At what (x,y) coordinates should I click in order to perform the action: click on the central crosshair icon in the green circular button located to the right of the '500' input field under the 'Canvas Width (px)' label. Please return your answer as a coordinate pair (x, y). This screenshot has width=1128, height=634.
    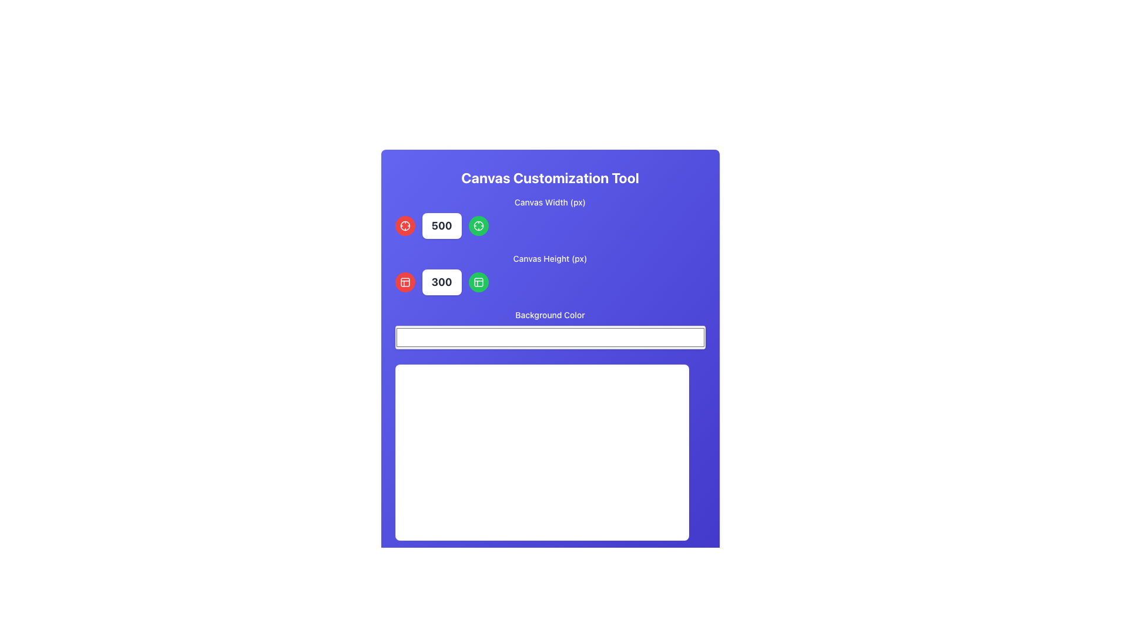
    Looking at the image, I should click on (478, 226).